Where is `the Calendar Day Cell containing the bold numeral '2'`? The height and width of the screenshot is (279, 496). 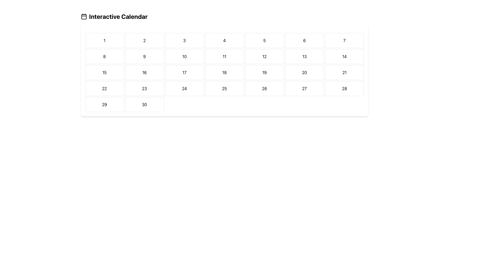
the Calendar Day Cell containing the bold numeral '2' is located at coordinates (144, 40).